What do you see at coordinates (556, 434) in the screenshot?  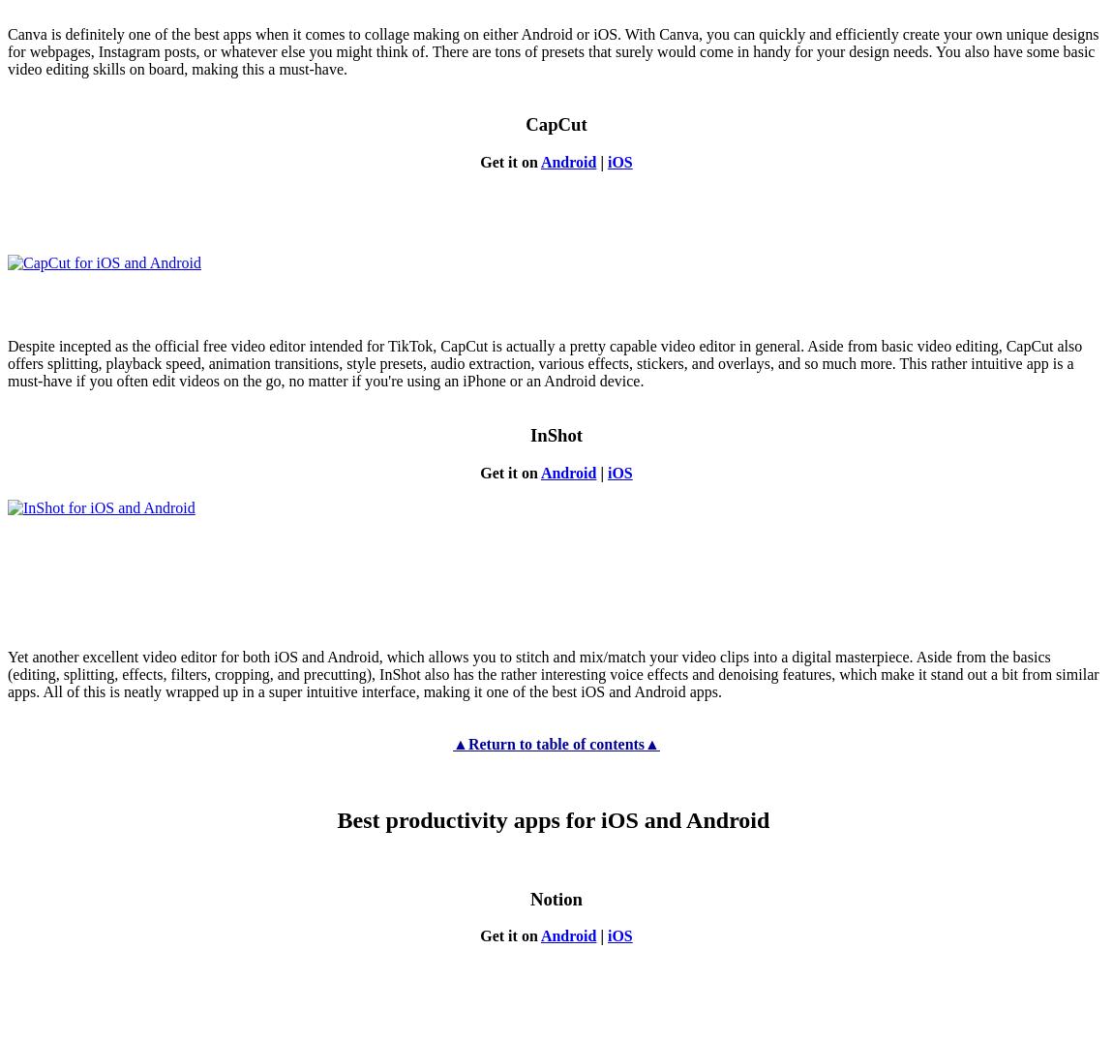 I see `'InShot'` at bounding box center [556, 434].